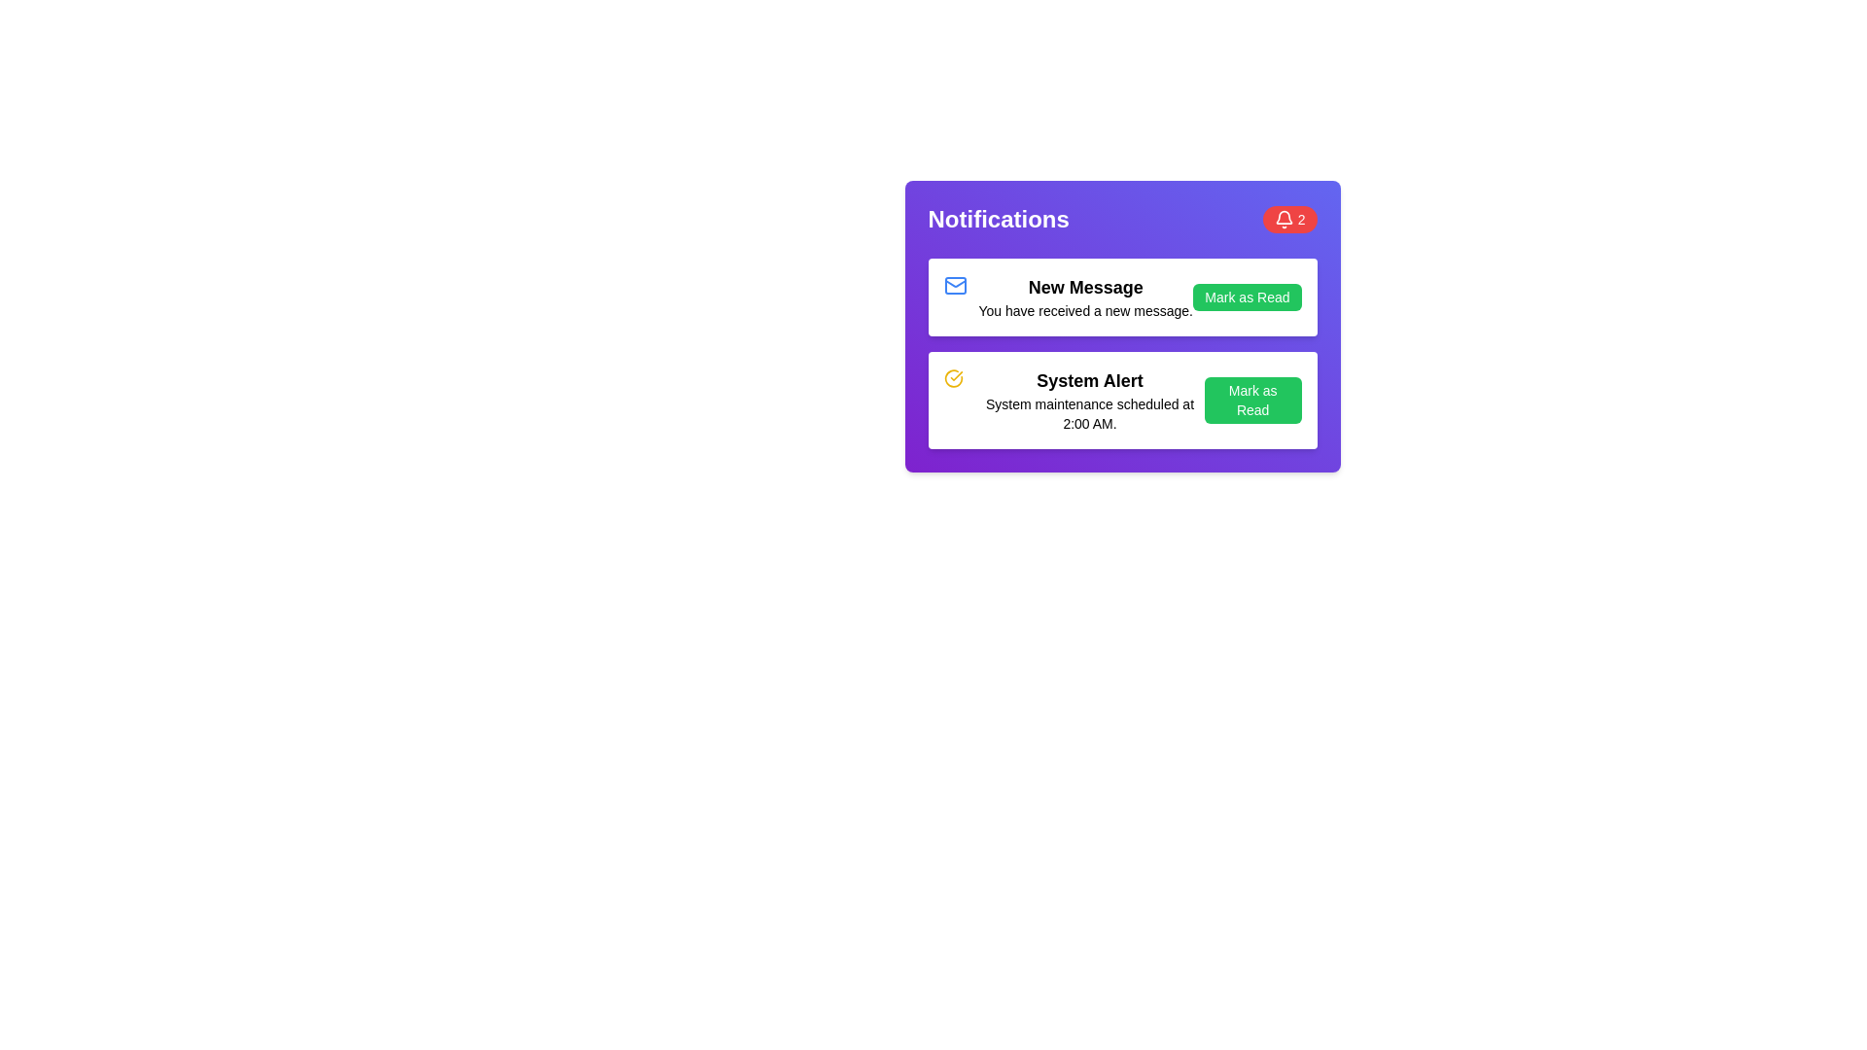 The width and height of the screenshot is (1867, 1050). Describe the element at coordinates (956, 376) in the screenshot. I see `the status of the checkmark icon styled in yellow within the circular outline, which is part of the SVG graphic located beside the 'System Alert' notification message` at that location.